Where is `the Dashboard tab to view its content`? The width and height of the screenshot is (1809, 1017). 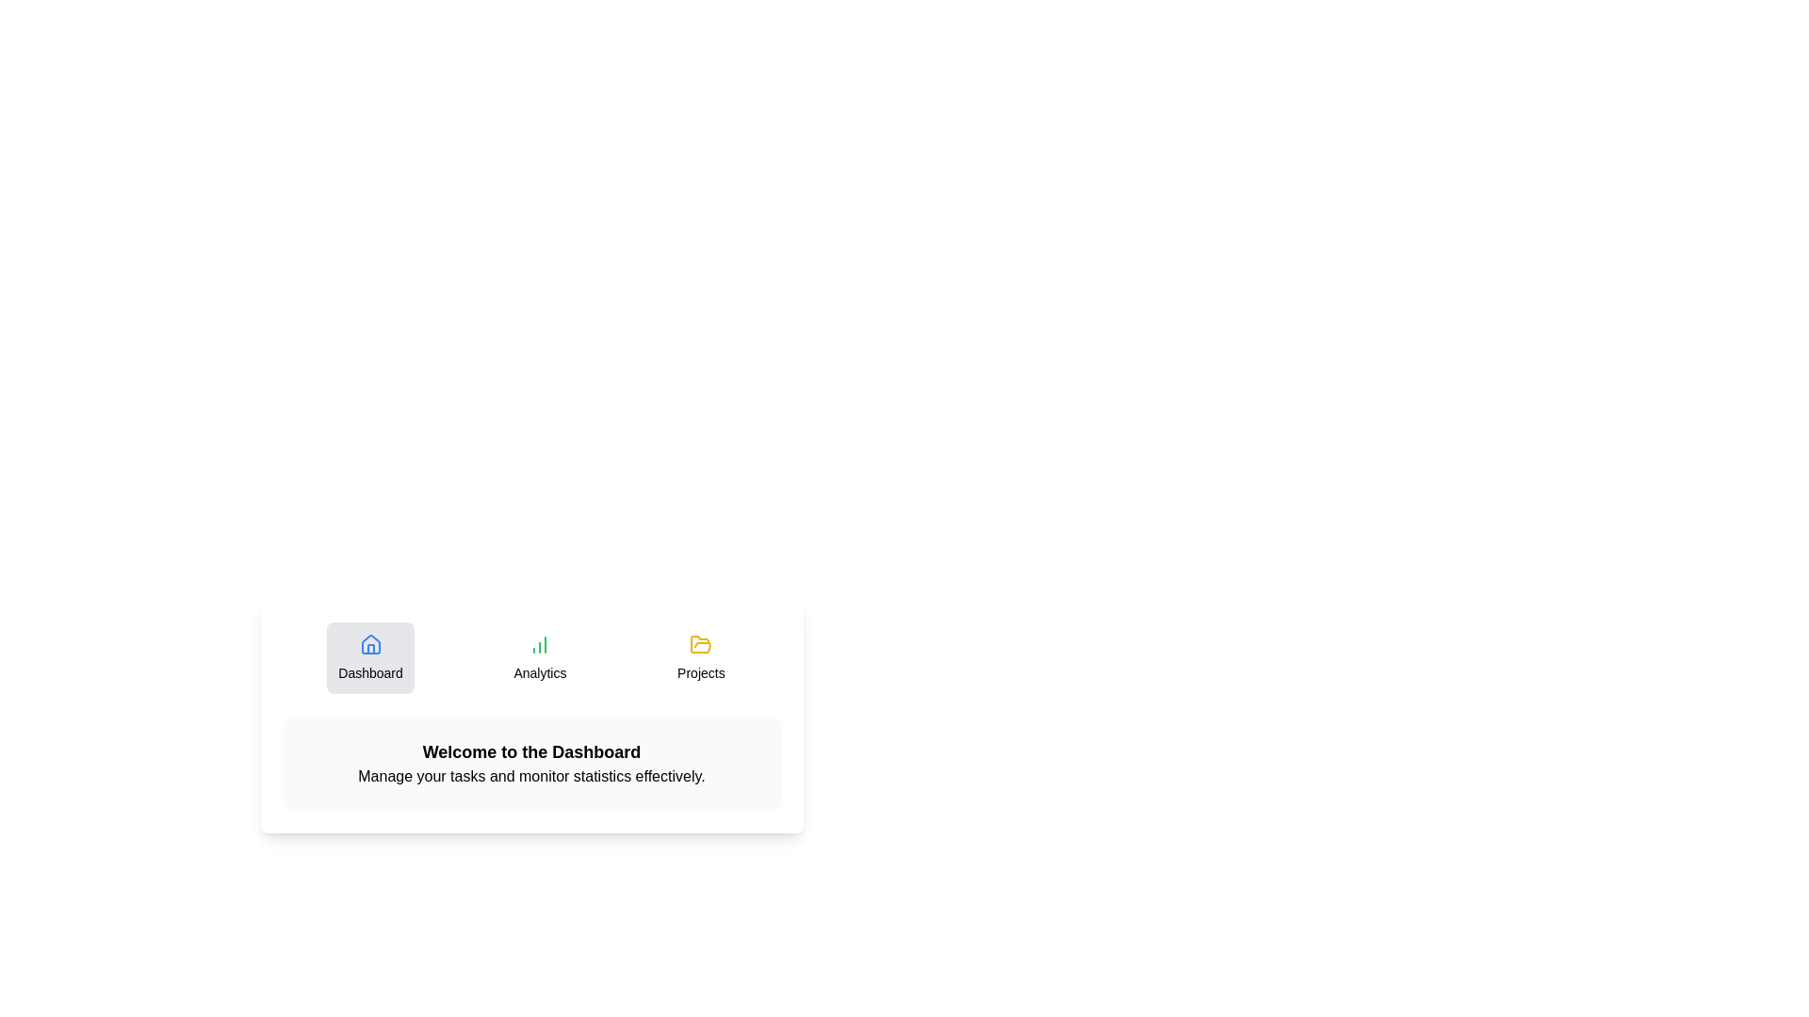
the Dashboard tab to view its content is located at coordinates (370, 656).